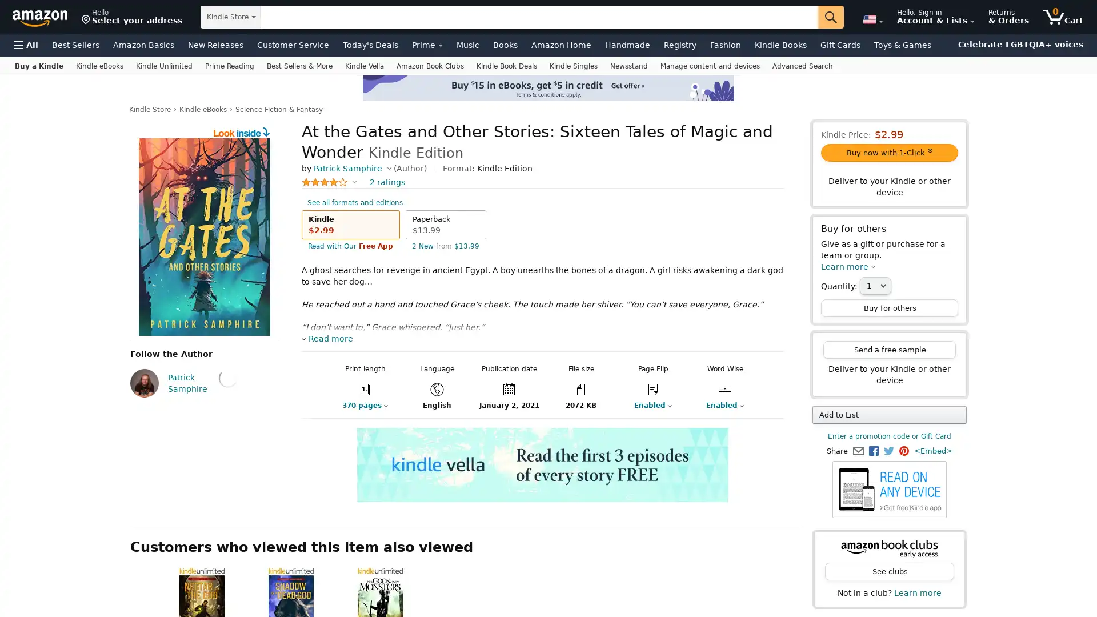  What do you see at coordinates (326, 338) in the screenshot?
I see `Read more` at bounding box center [326, 338].